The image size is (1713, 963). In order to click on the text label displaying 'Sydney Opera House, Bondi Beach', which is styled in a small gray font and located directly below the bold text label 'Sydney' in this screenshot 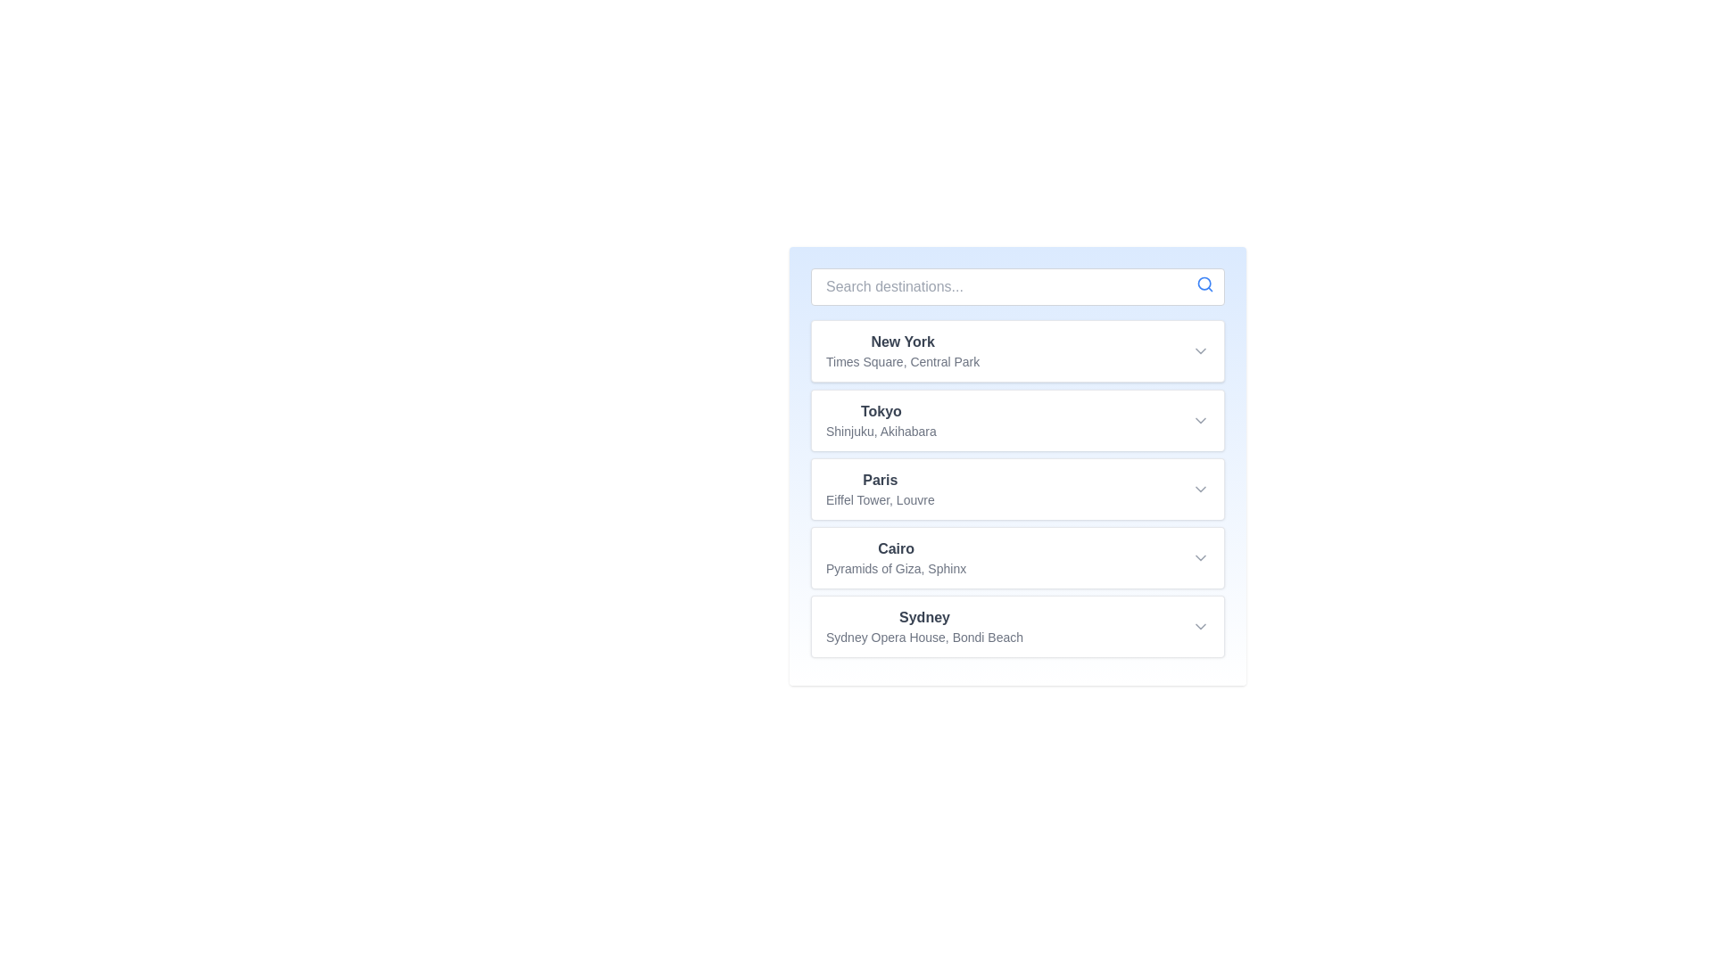, I will do `click(924, 636)`.